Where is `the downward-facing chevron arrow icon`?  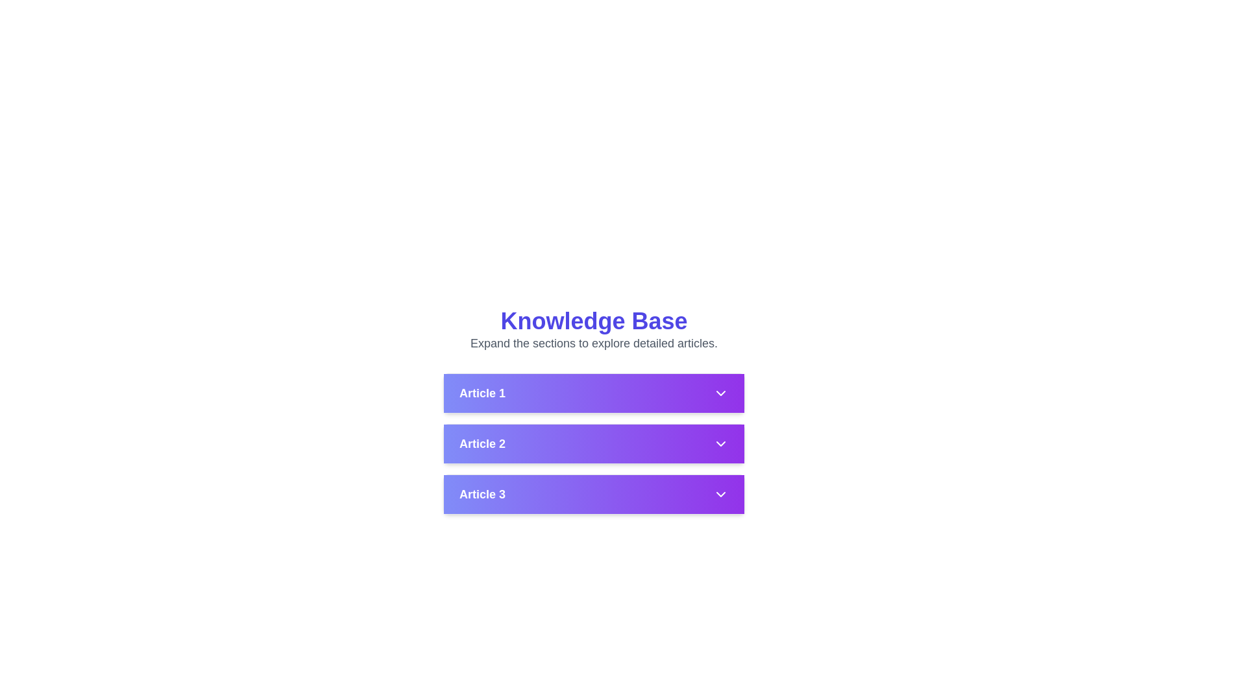
the downward-facing chevron arrow icon is located at coordinates (720, 443).